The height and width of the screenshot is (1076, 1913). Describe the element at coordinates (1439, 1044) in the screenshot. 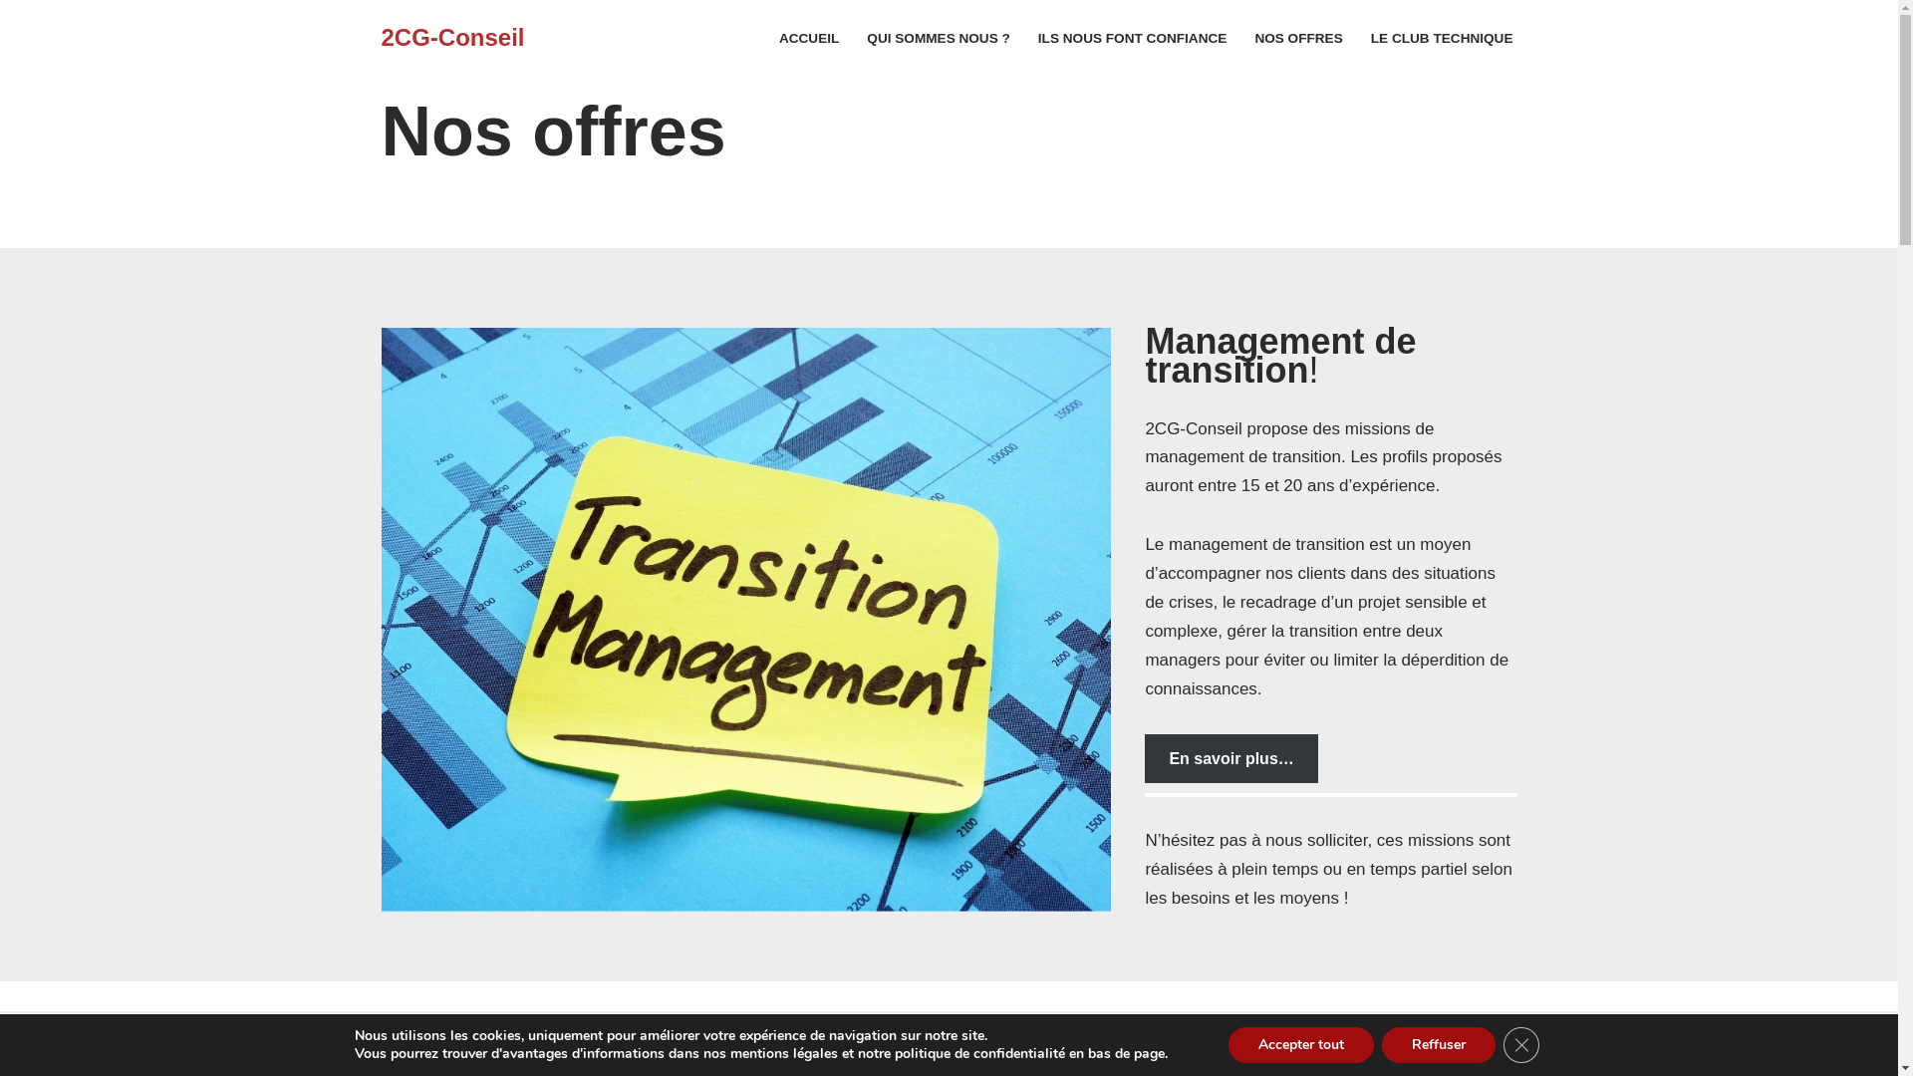

I see `'Reffuser'` at that location.